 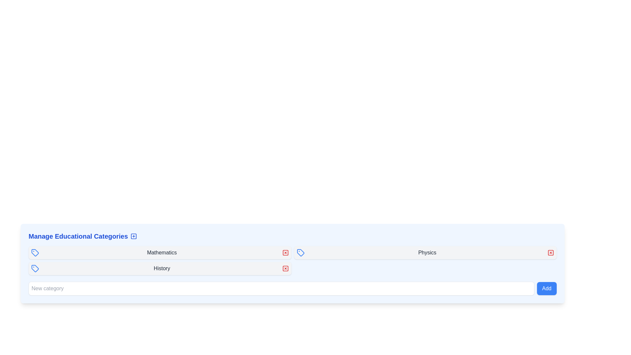 What do you see at coordinates (133, 236) in the screenshot?
I see `the blue square icon with a plus sign in the center, located to the right of the 'Manage Educational Categories' header` at bounding box center [133, 236].